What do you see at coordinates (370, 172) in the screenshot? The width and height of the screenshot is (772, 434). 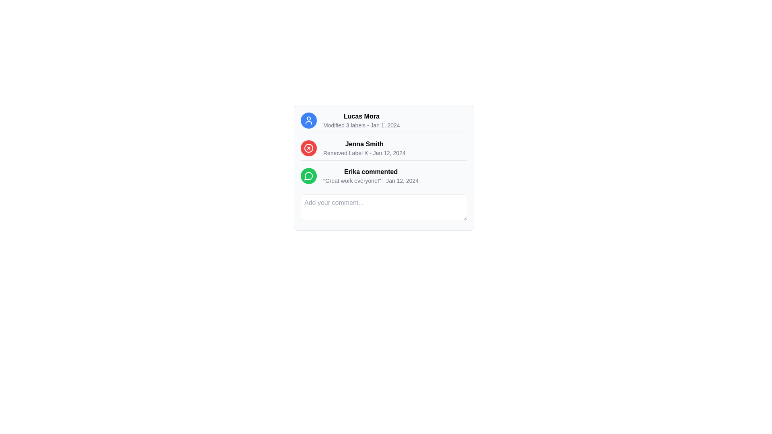 I see `bold text label that says 'Erika commented', located in the third position of the user actions list, situated between 'Jenna Smith' and a quote from 'Erika'` at bounding box center [370, 172].